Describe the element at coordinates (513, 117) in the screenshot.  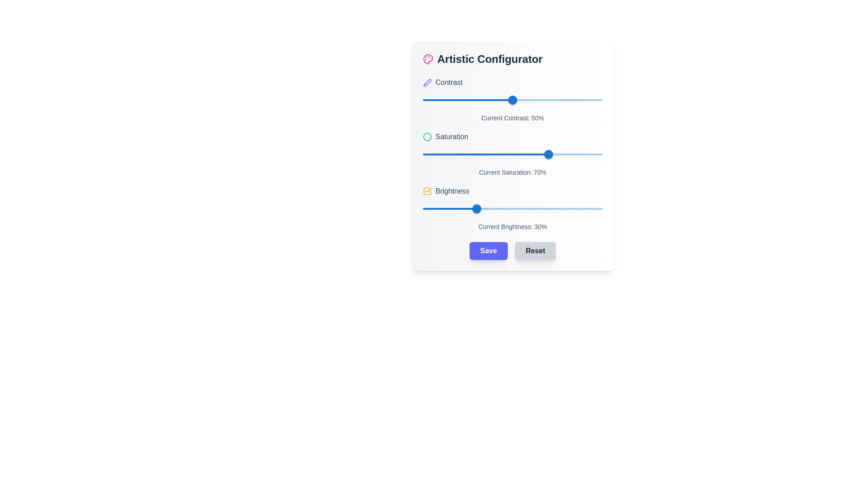
I see `the static text displaying the message 'Current Contrast: 50%', which is located below the contrast slider and centered in relation to it` at that location.